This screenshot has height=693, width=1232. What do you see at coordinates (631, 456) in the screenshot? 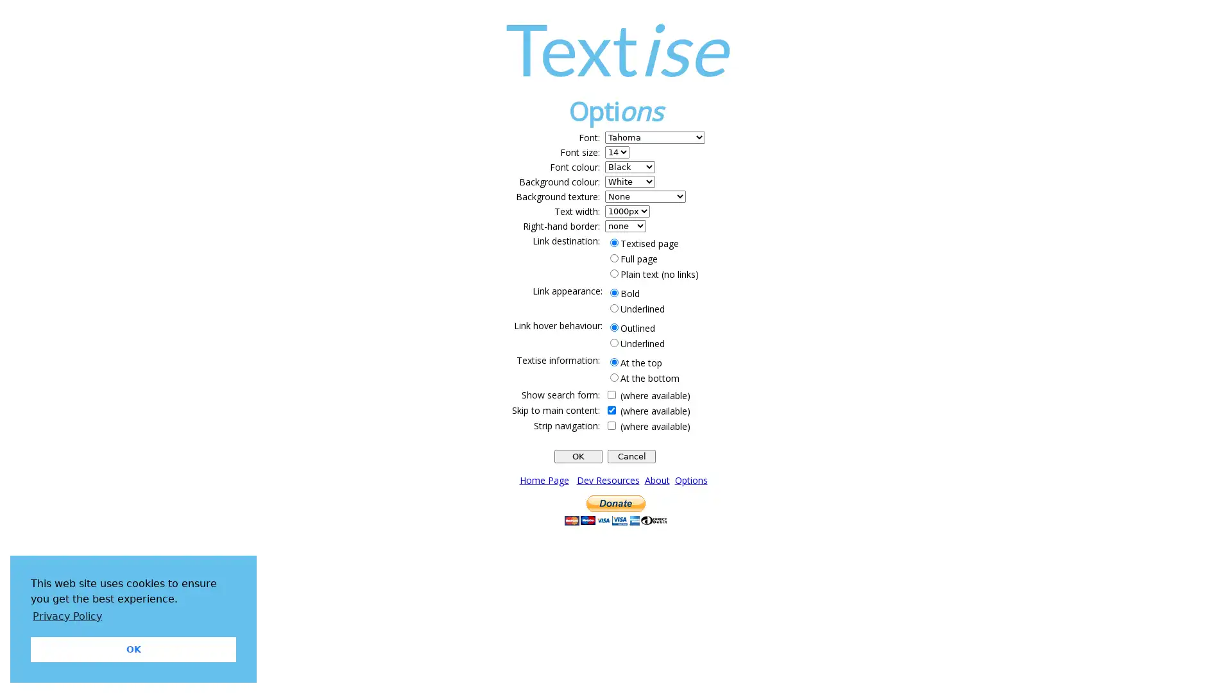
I see `Cancel` at bounding box center [631, 456].